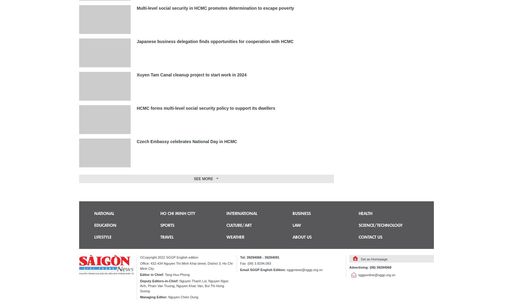  I want to click on 'International', so click(242, 213).